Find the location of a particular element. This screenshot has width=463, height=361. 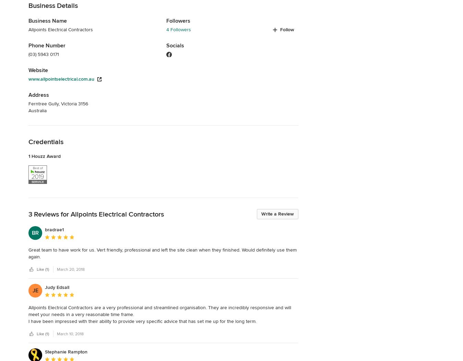

'3 Reviews for Allpoints Electrical Contractors' is located at coordinates (96, 214).